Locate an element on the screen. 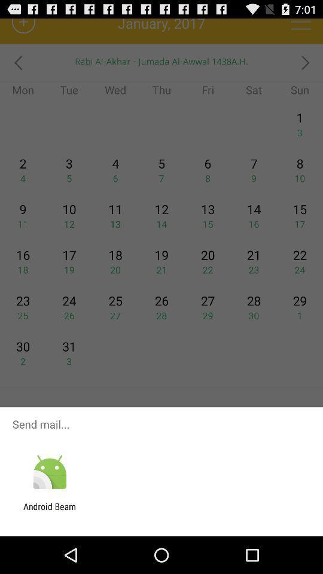 Image resolution: width=323 pixels, height=574 pixels. the app below send mail... icon is located at coordinates (49, 472).